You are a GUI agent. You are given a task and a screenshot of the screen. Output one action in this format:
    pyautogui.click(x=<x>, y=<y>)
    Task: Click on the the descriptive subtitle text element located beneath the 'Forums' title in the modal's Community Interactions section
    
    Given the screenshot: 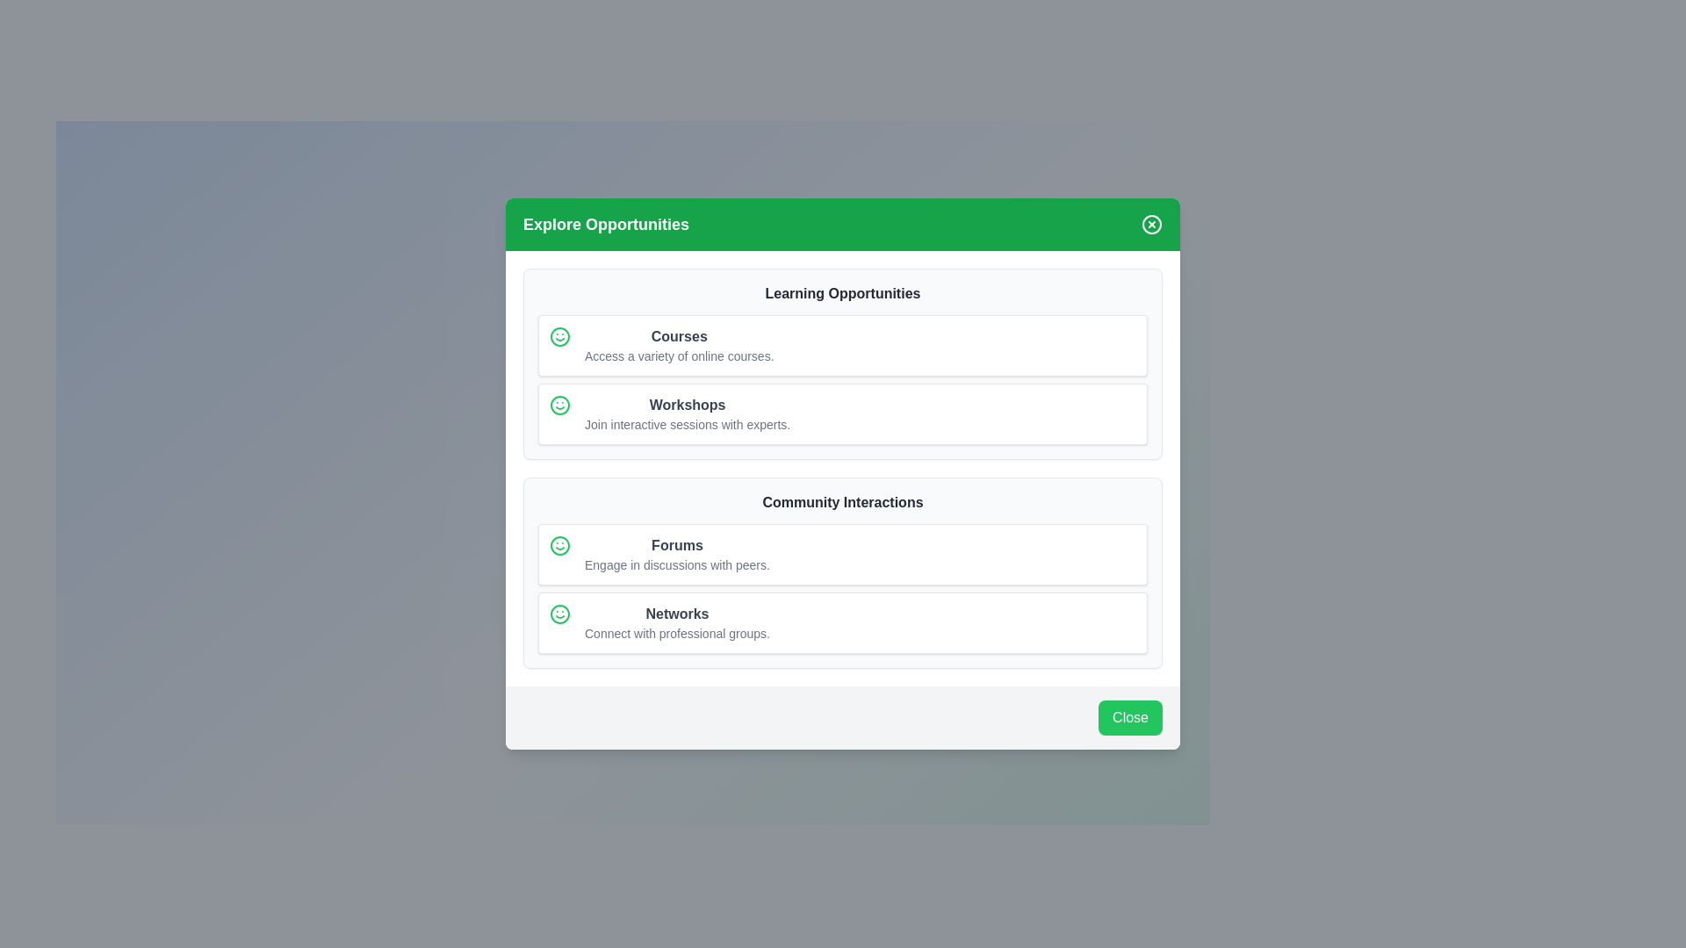 What is the action you would take?
    pyautogui.click(x=676, y=565)
    